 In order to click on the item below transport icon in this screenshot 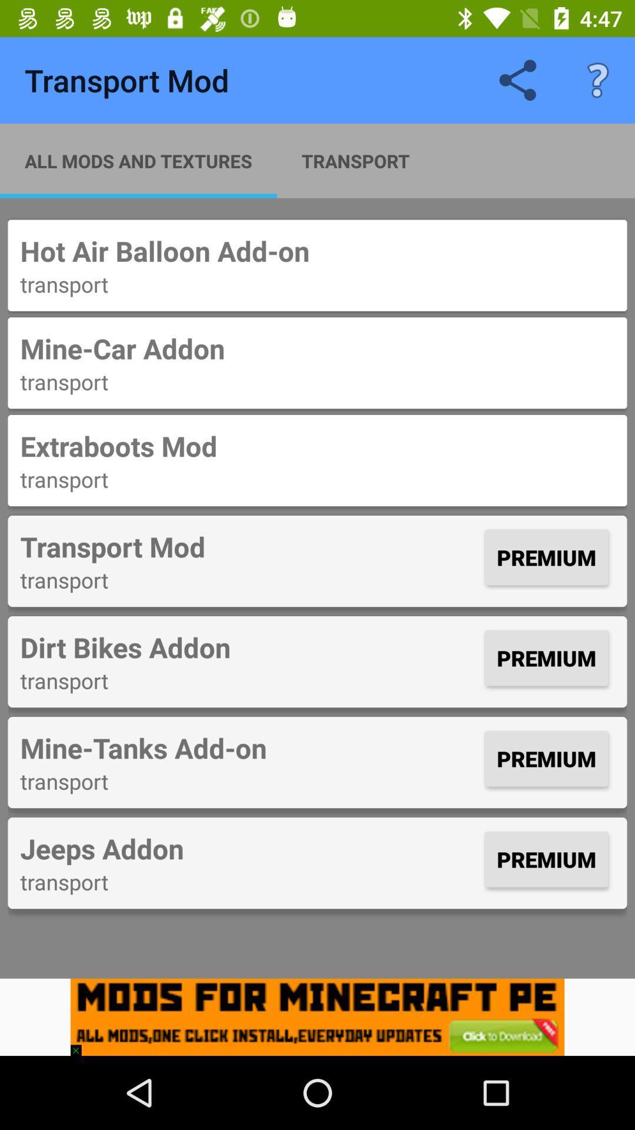, I will do `click(317, 445)`.